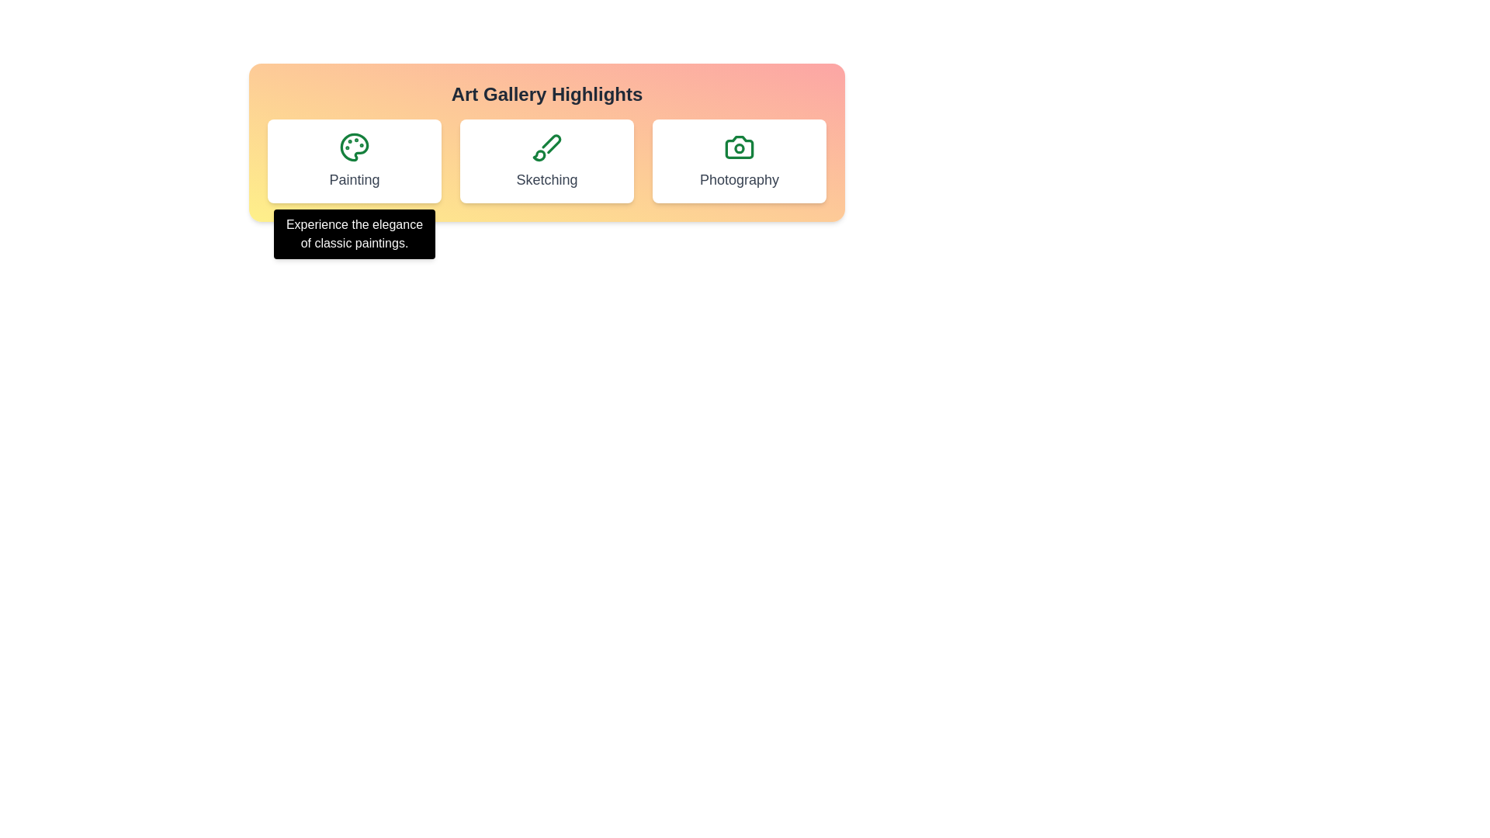 The image size is (1490, 838). Describe the element at coordinates (739, 161) in the screenshot. I see `the 'Photography' clickable card` at that location.